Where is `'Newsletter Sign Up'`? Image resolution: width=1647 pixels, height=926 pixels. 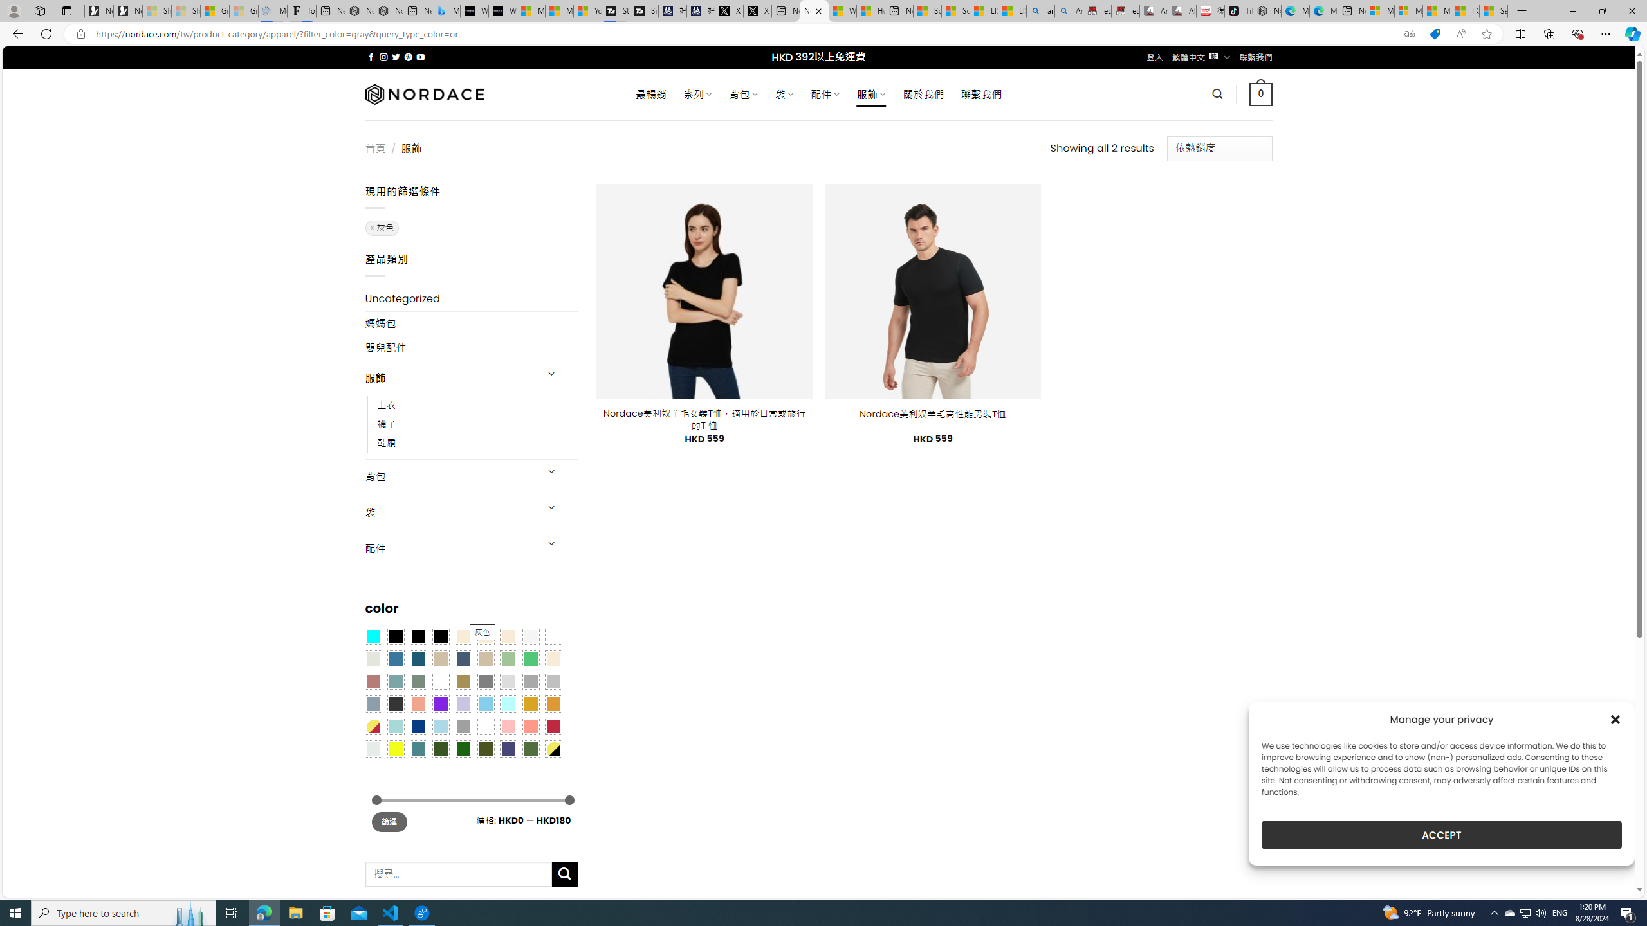
'Newsletter Sign Up' is located at coordinates (128, 10).